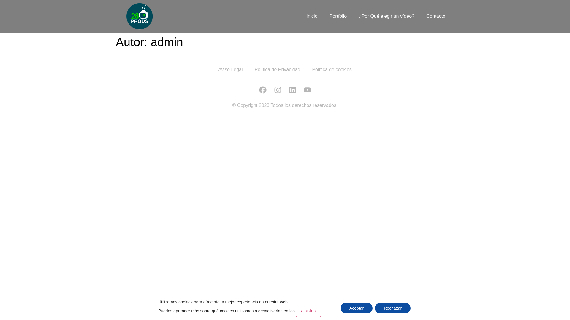 This screenshot has height=320, width=570. Describe the element at coordinates (436, 16) in the screenshot. I see `'Contacto'` at that location.